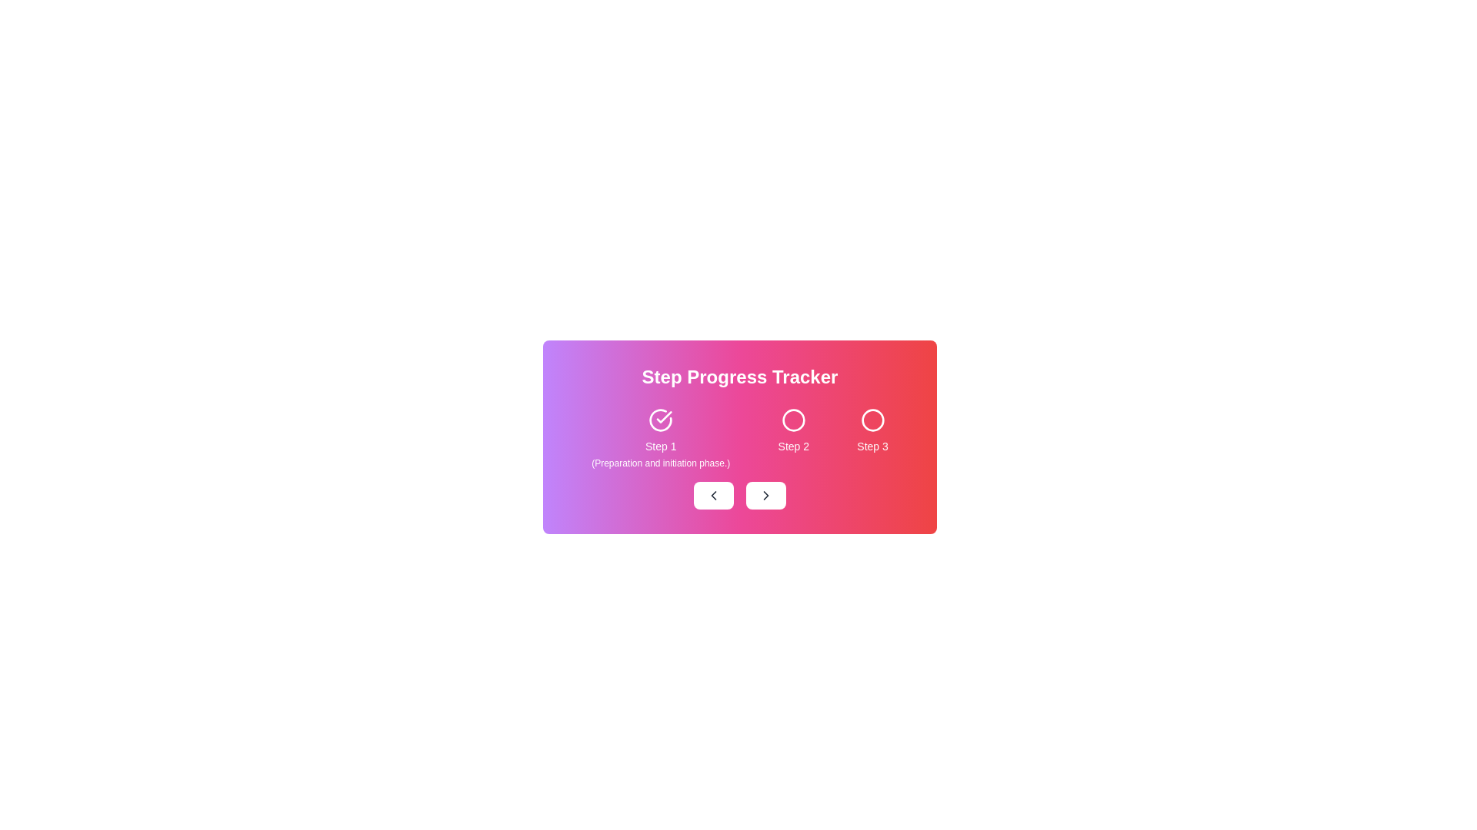 The image size is (1477, 830). What do you see at coordinates (661, 462) in the screenshot?
I see `the descriptive text located below the 'Step 1' label in the progress tracker interface` at bounding box center [661, 462].